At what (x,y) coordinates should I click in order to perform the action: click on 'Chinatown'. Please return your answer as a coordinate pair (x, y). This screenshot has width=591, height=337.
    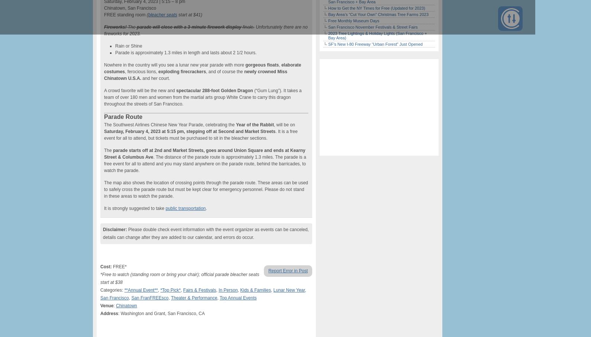
    Looking at the image, I should click on (126, 306).